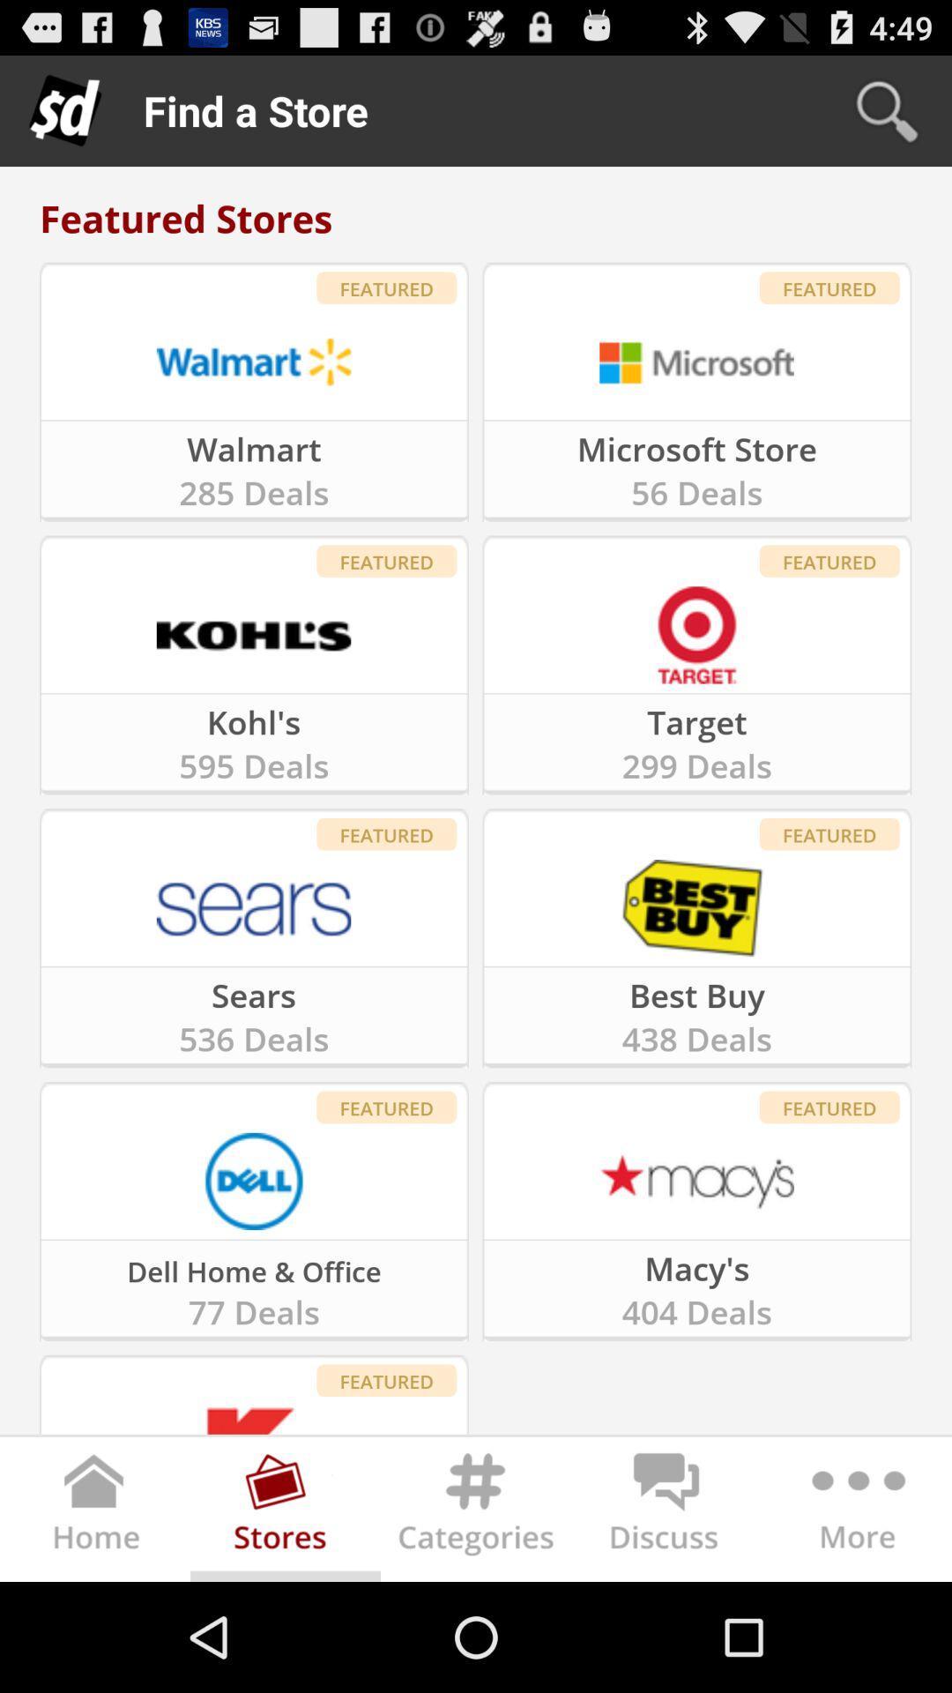 The width and height of the screenshot is (952, 1693). Describe the element at coordinates (476, 1512) in the screenshot. I see `search categories` at that location.